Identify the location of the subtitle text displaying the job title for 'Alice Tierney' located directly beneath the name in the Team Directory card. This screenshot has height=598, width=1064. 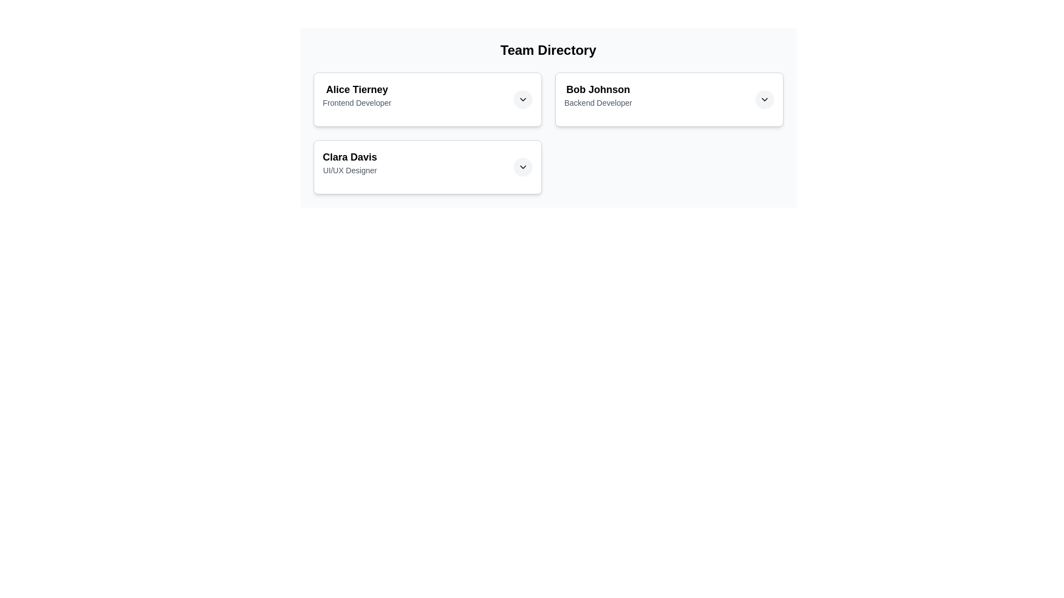
(357, 102).